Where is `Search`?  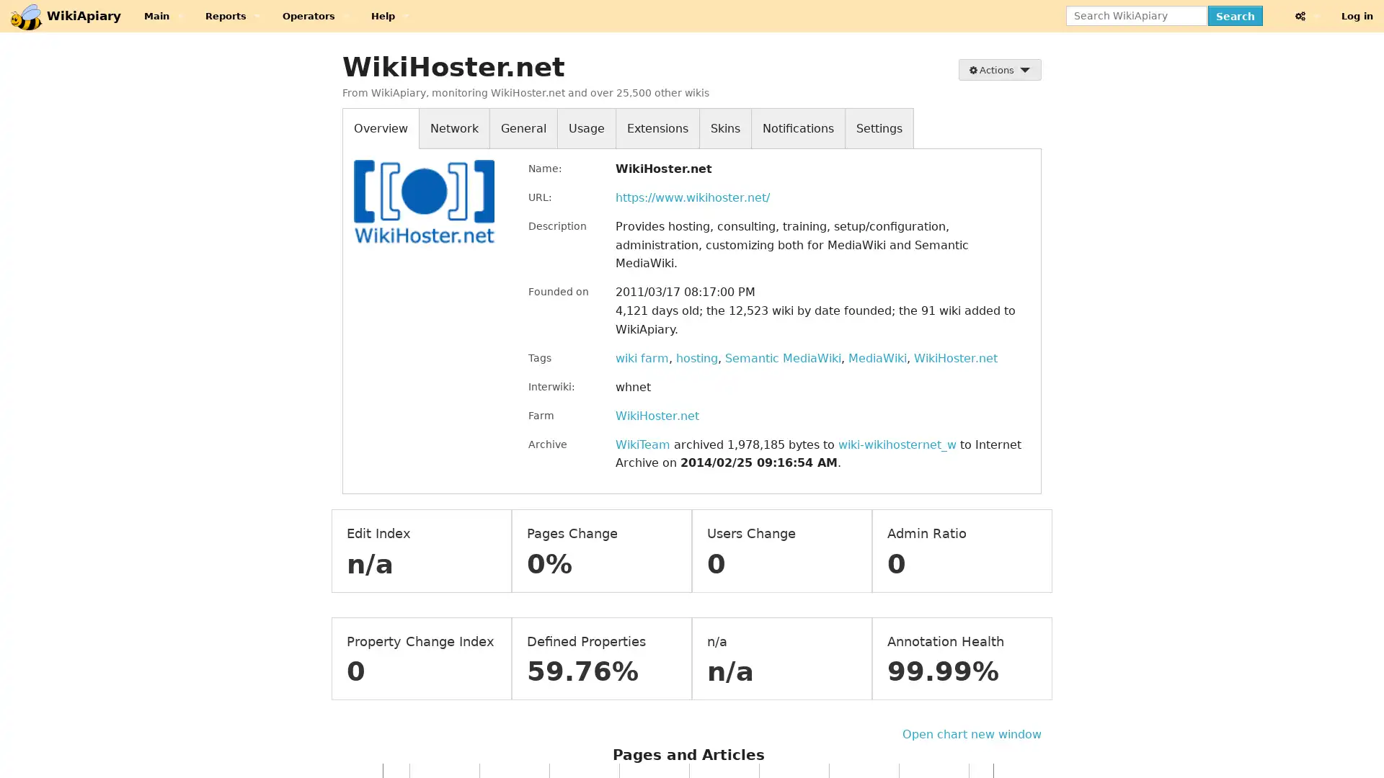
Search is located at coordinates (1234, 16).